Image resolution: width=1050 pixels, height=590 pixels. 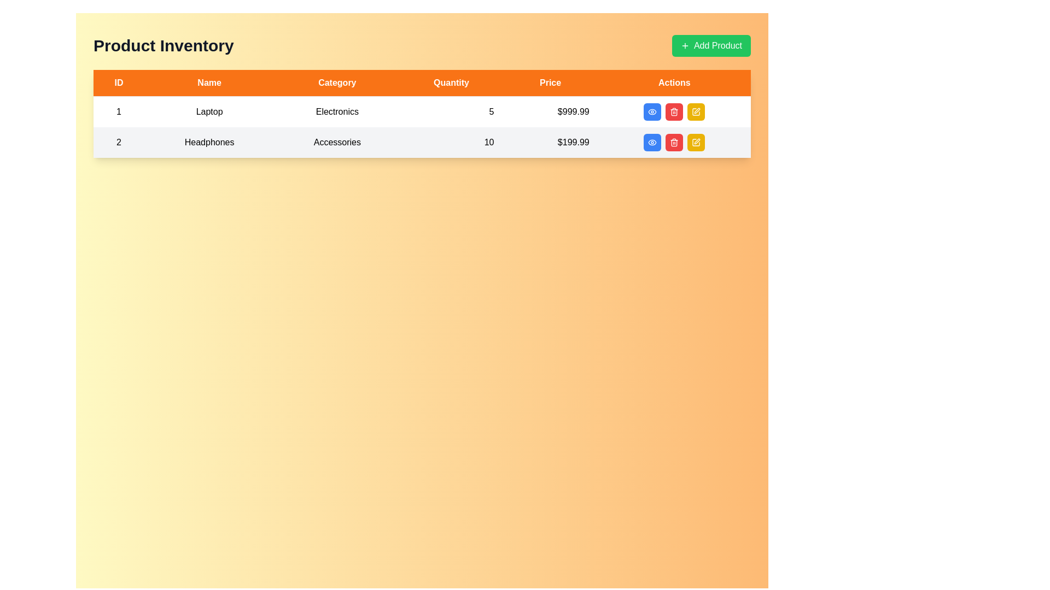 What do you see at coordinates (674, 111) in the screenshot?
I see `the delete icon button located in the Actions column of the second row of the data table` at bounding box center [674, 111].